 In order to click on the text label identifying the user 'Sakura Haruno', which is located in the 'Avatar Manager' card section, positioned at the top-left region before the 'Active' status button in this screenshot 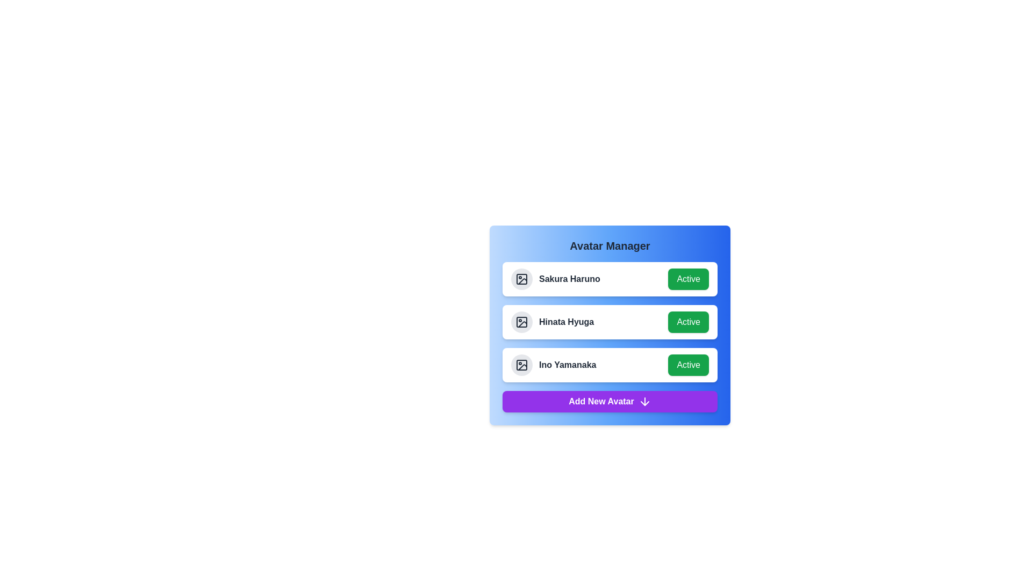, I will do `click(555, 279)`.